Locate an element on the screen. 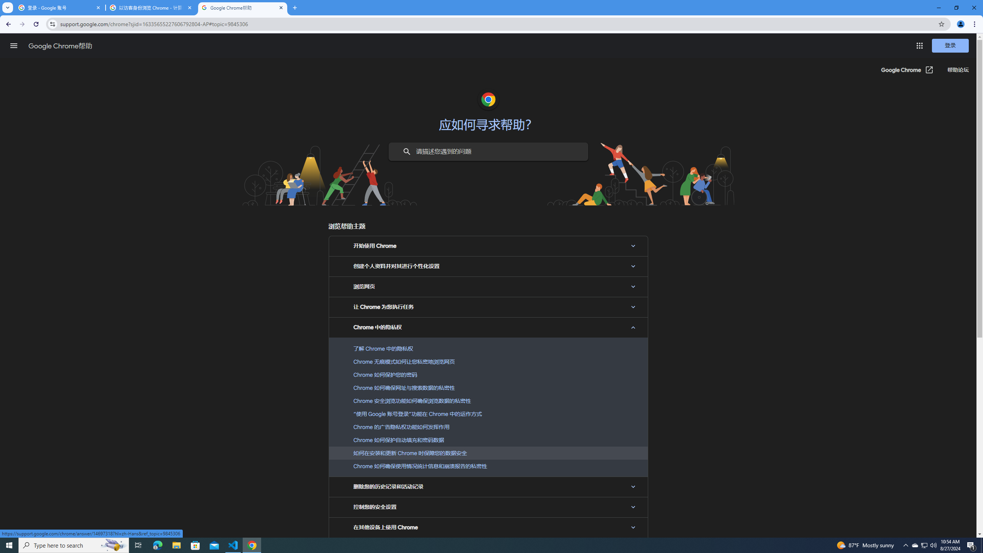 The image size is (983, 553). 'Close' is located at coordinates (280, 7).